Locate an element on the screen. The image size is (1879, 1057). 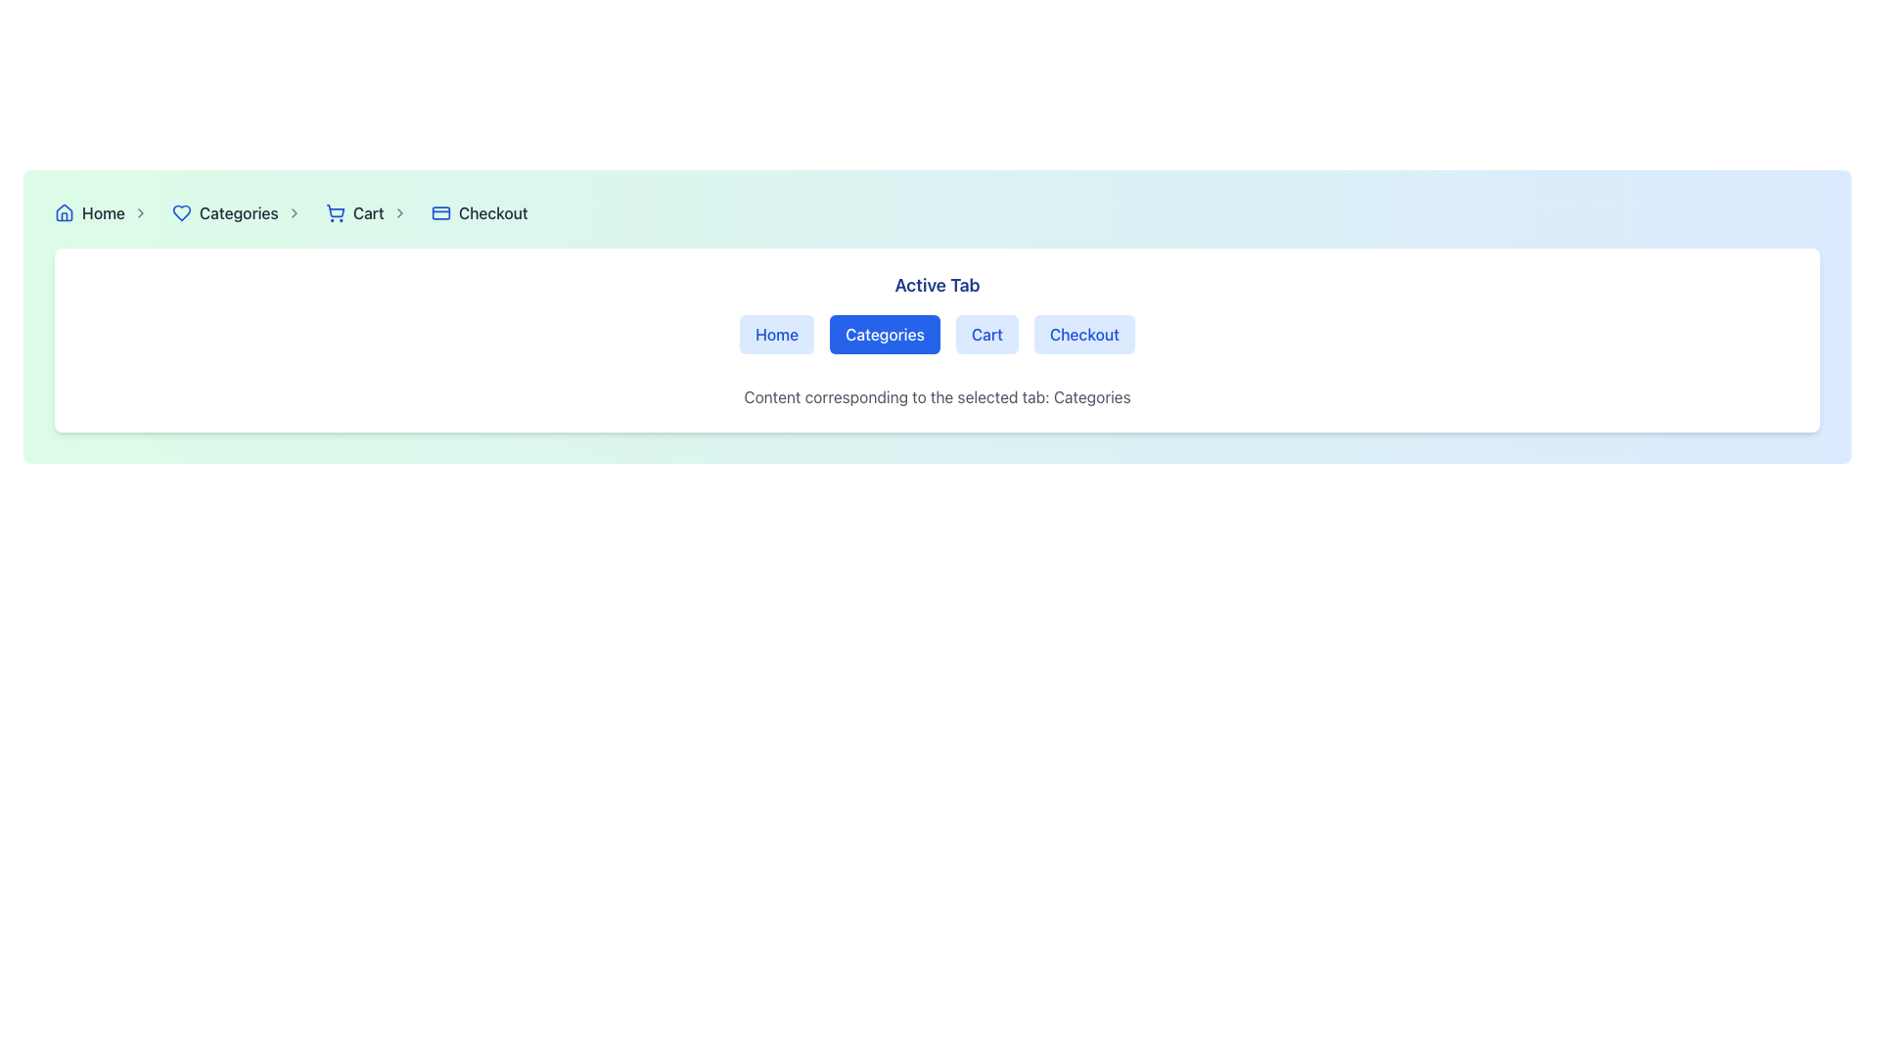
the 'Home' button with rounded corners and a light blue background in the navigation bar is located at coordinates (776, 334).